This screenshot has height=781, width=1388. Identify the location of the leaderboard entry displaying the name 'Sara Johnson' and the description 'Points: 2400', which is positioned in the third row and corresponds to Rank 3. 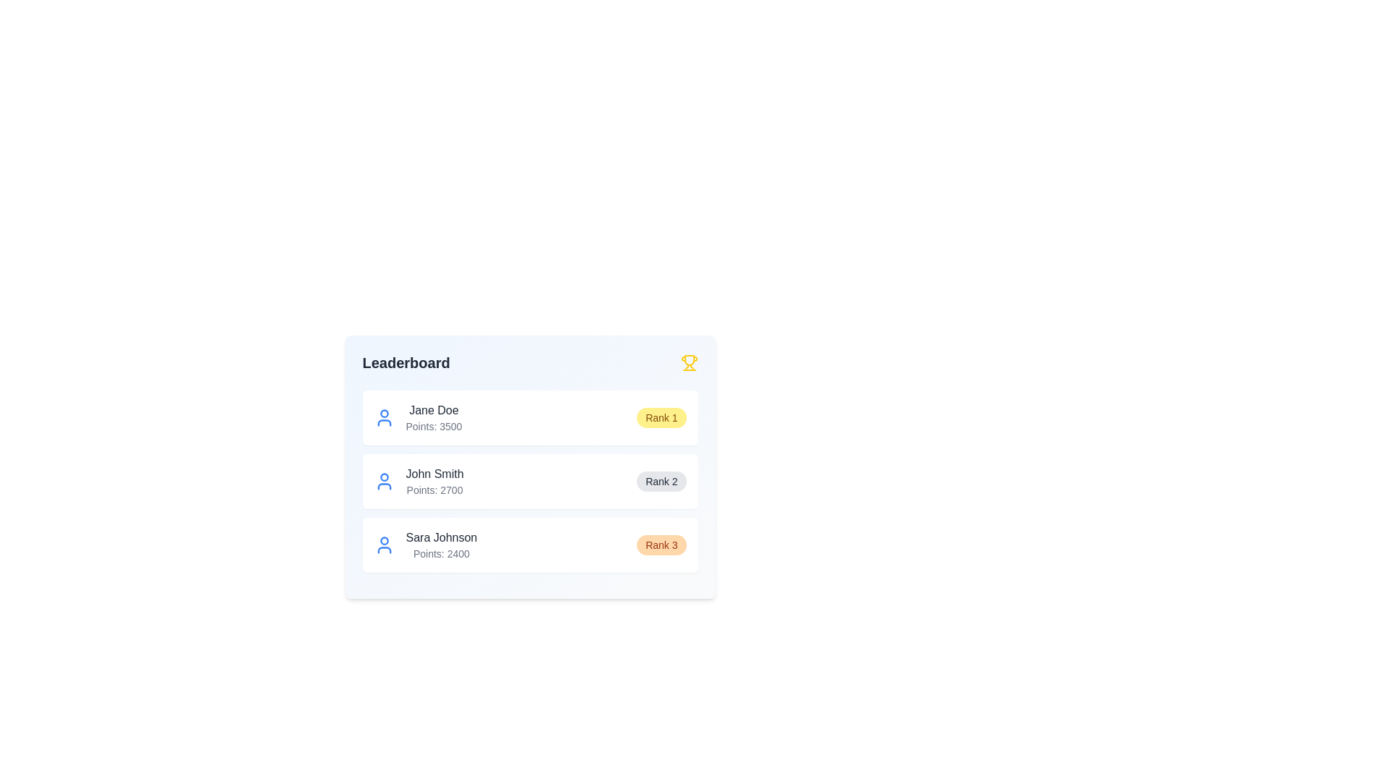
(440, 545).